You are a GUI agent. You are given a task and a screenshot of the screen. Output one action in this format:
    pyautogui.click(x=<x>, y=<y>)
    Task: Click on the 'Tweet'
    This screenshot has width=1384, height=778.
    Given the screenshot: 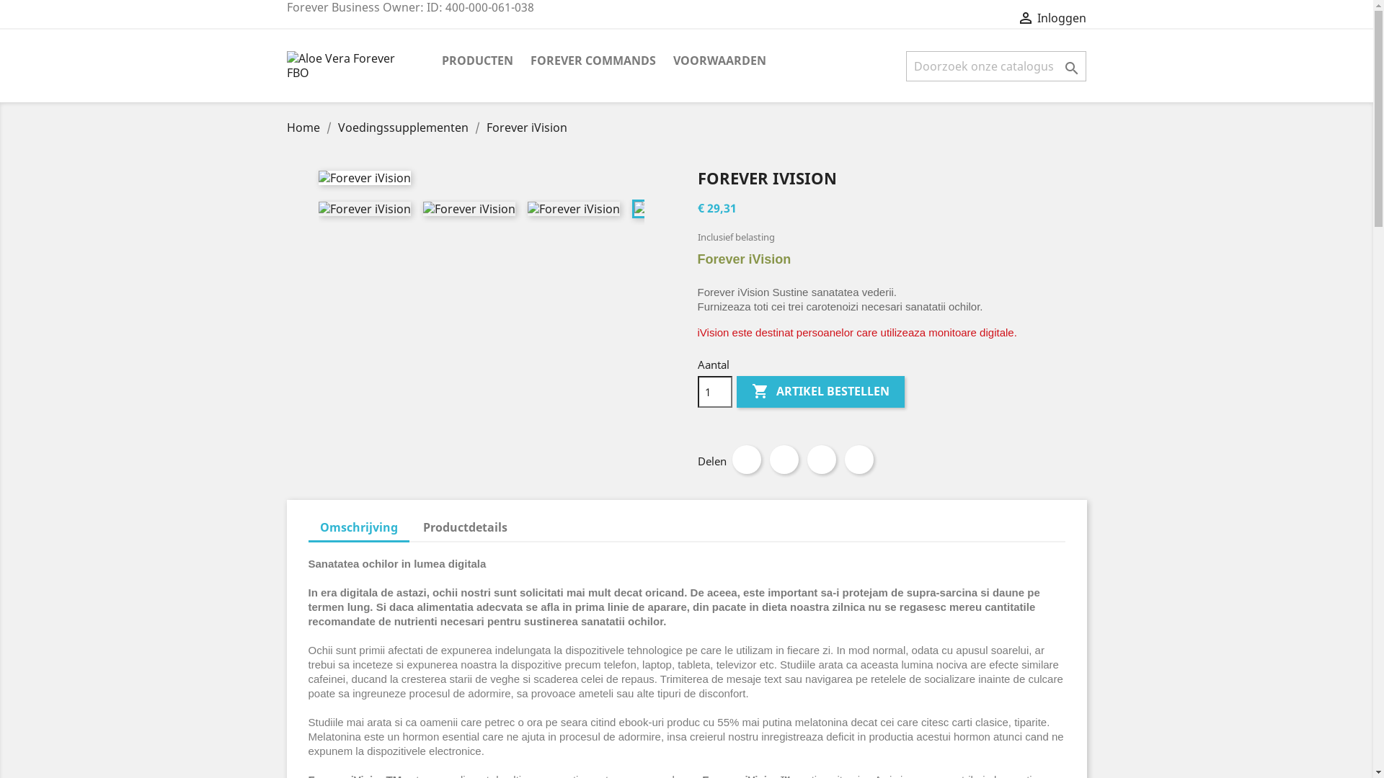 What is the action you would take?
    pyautogui.click(x=784, y=459)
    